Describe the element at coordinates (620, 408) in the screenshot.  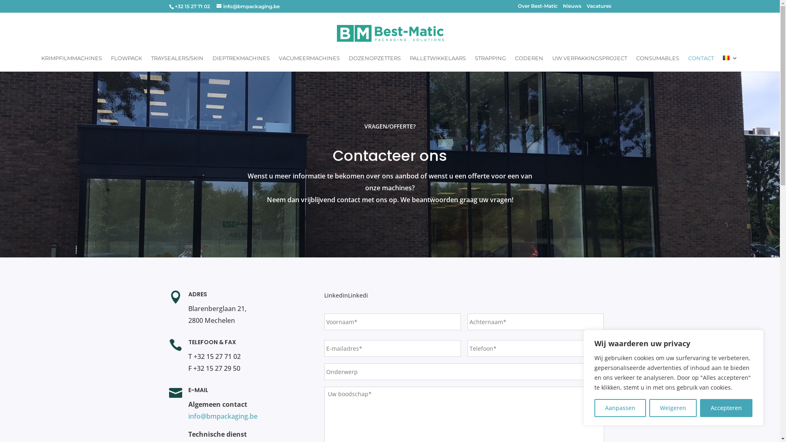
I see `'Aanpassen'` at that location.